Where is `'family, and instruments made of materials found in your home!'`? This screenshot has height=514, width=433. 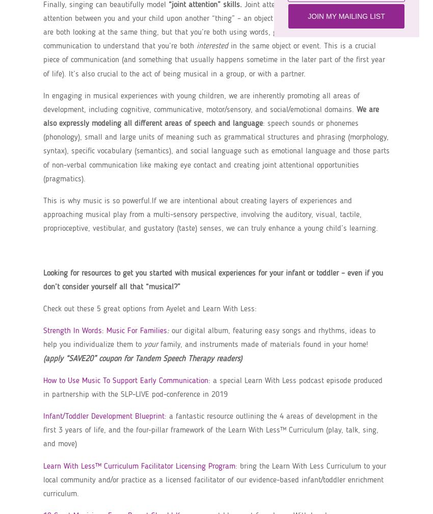
'family, and instruments made of materials found in your home!' is located at coordinates (157, 345).